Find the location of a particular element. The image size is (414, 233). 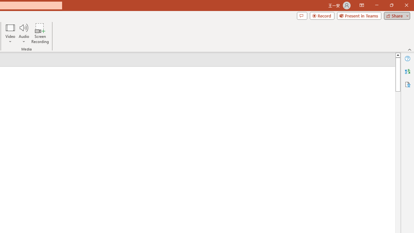

'Line up' is located at coordinates (398, 54).